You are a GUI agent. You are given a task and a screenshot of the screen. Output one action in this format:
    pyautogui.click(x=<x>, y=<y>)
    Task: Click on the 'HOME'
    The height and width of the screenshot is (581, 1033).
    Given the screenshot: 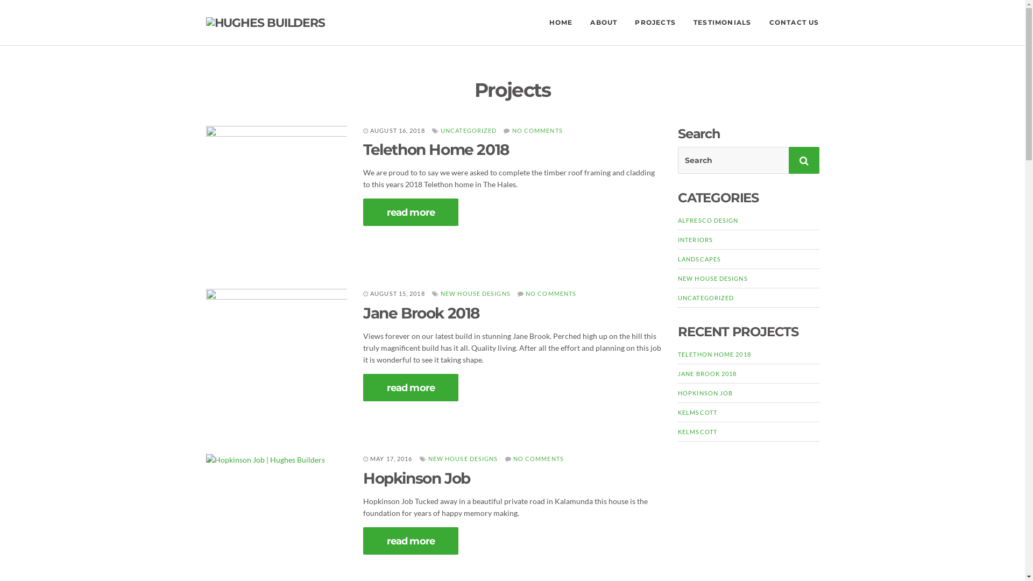 What is the action you would take?
    pyautogui.click(x=560, y=23)
    